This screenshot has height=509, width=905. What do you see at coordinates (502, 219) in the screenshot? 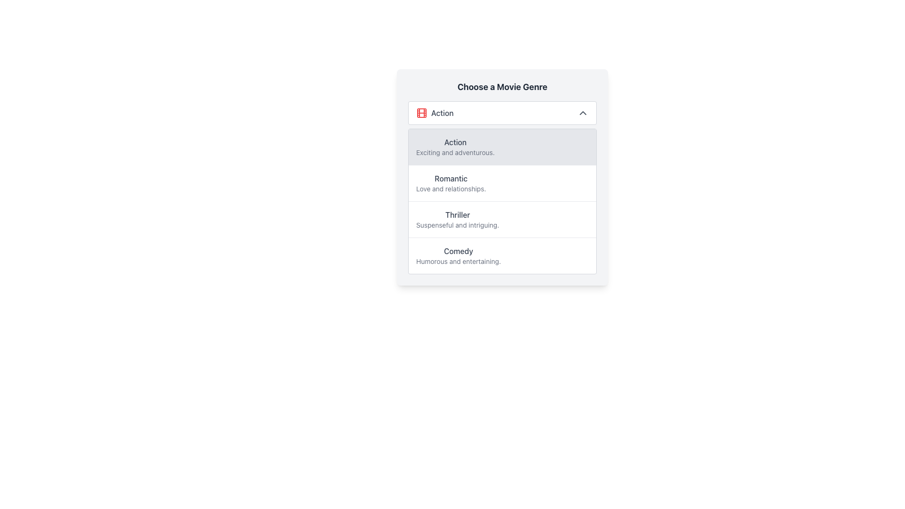
I see `the 'Thriller' genre option in the dropdown menu titled 'Choose a Movie Genre' to trigger the hover effect` at bounding box center [502, 219].